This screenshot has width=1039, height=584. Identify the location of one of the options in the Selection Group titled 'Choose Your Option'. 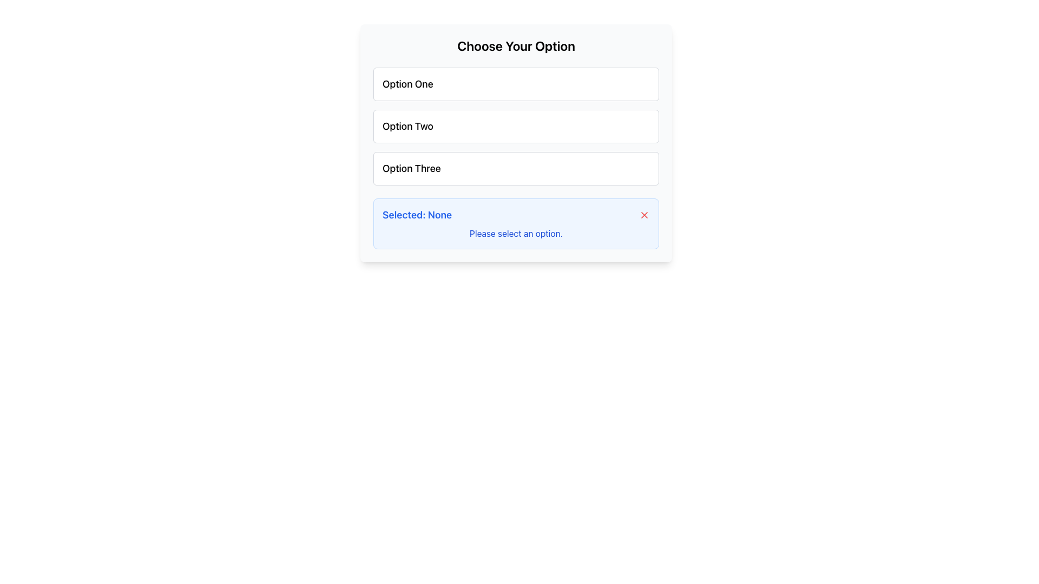
(516, 126).